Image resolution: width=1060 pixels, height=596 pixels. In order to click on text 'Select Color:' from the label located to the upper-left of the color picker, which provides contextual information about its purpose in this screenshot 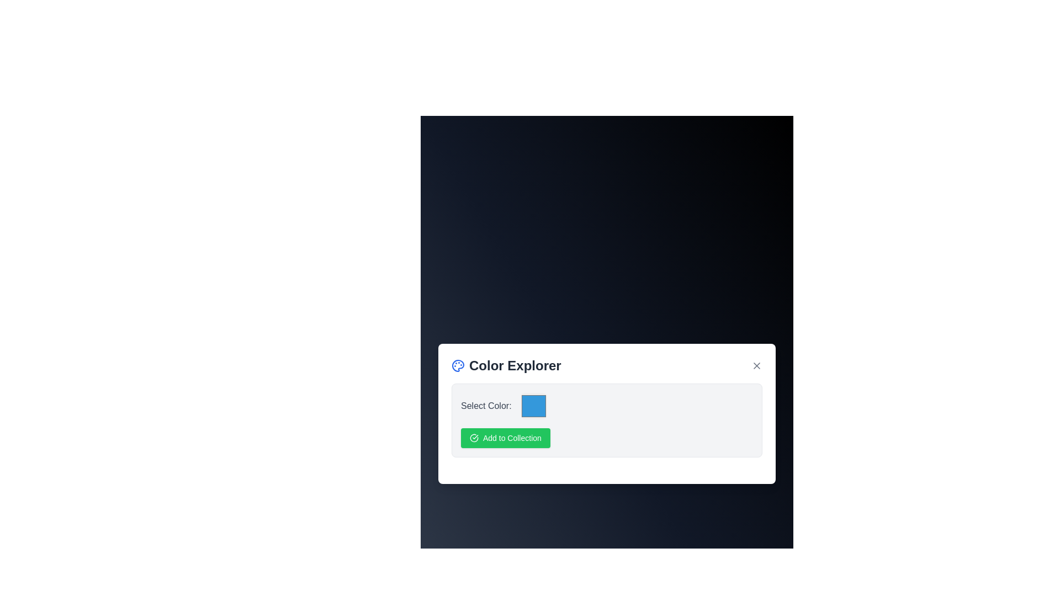, I will do `click(486, 406)`.